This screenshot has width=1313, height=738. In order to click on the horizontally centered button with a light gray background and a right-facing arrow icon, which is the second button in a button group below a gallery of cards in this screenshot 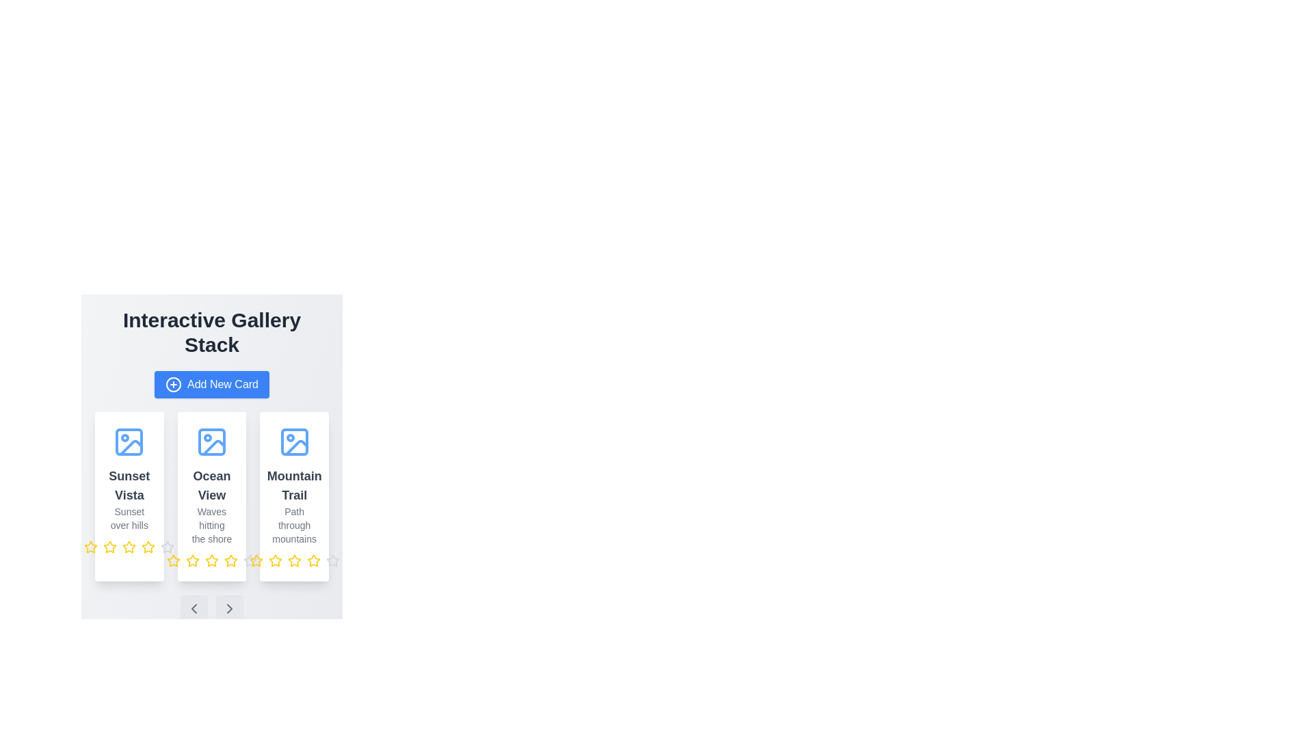, I will do `click(230, 608)`.